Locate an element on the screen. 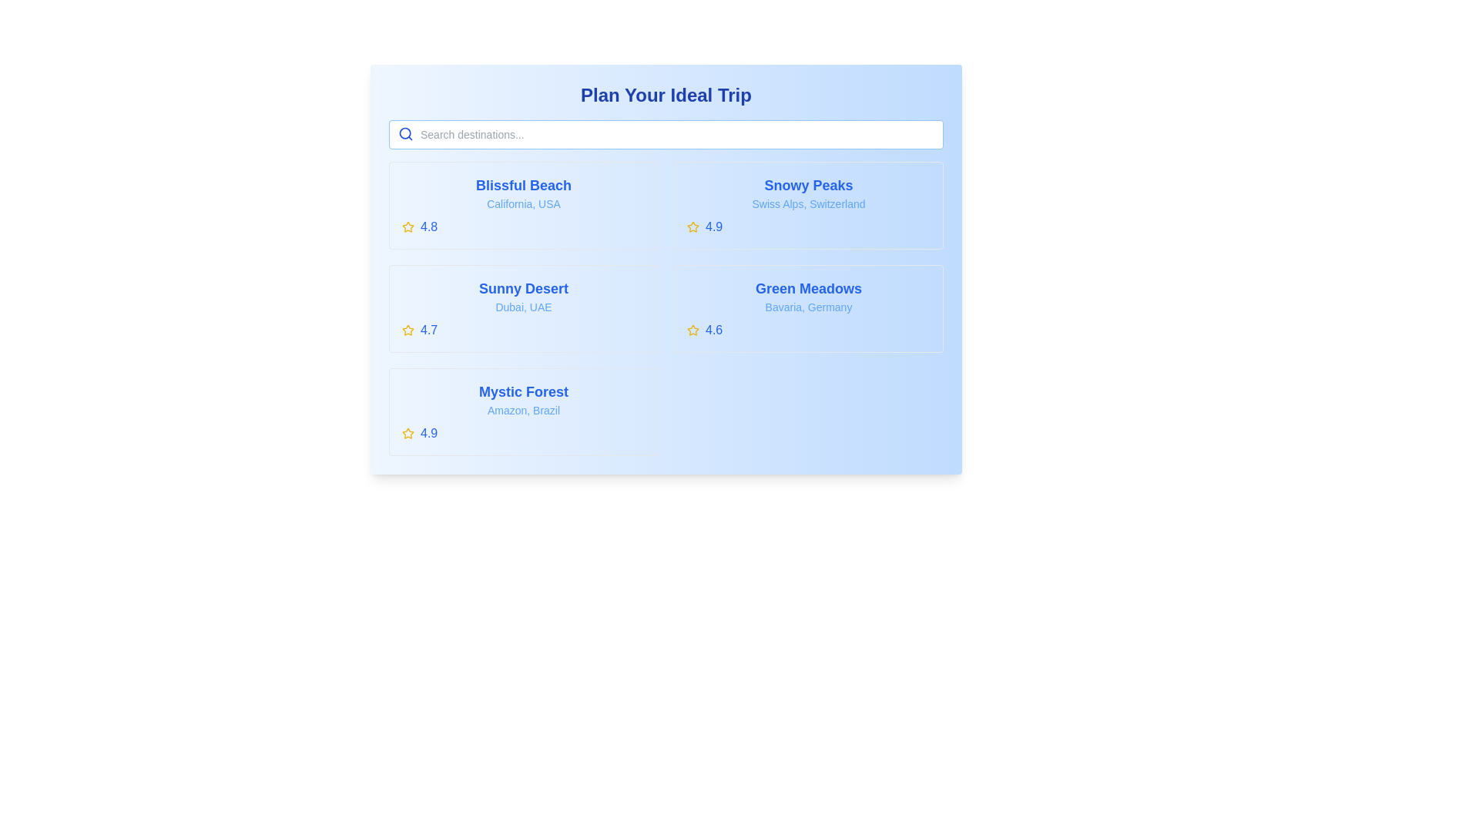 This screenshot has height=832, width=1479. the informational text label that serves as the title for a travel destination, positioned at the top of a card in a grid layout is located at coordinates (524, 288).